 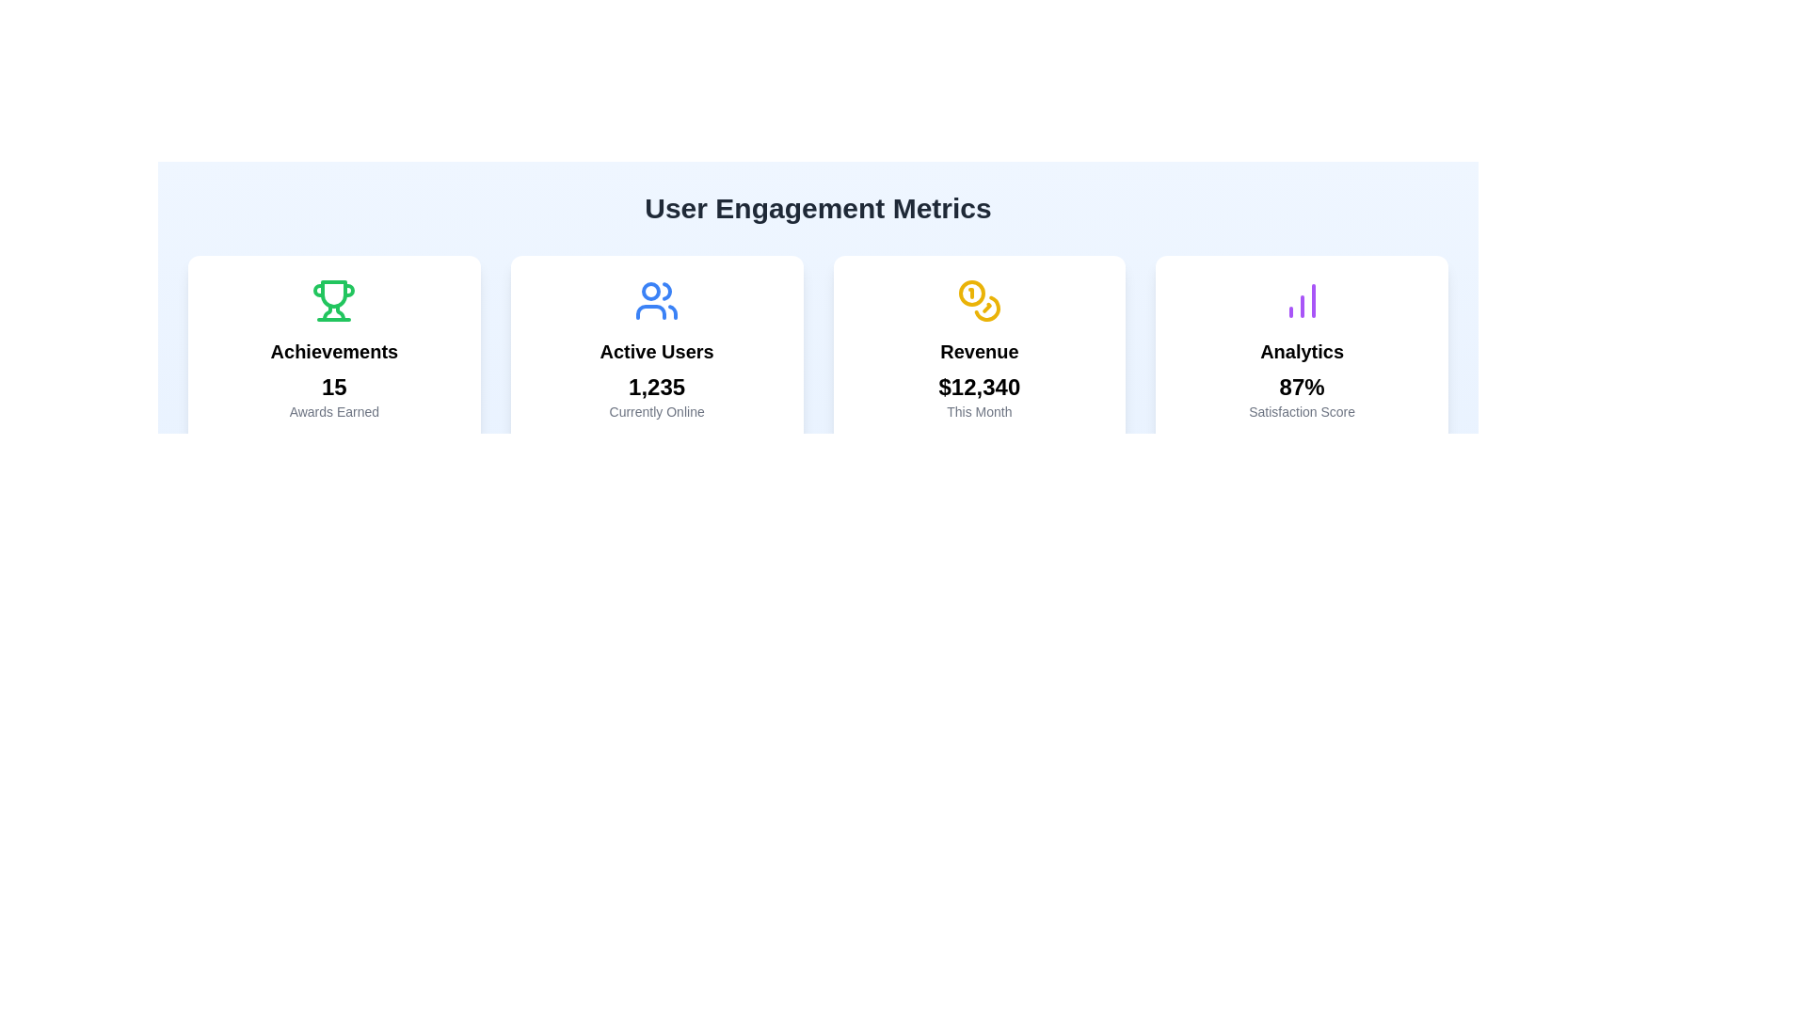 What do you see at coordinates (979, 352) in the screenshot?
I see `the text label at the top center of the revenue metrics card, which indicates the content pertains to revenue metrics` at bounding box center [979, 352].